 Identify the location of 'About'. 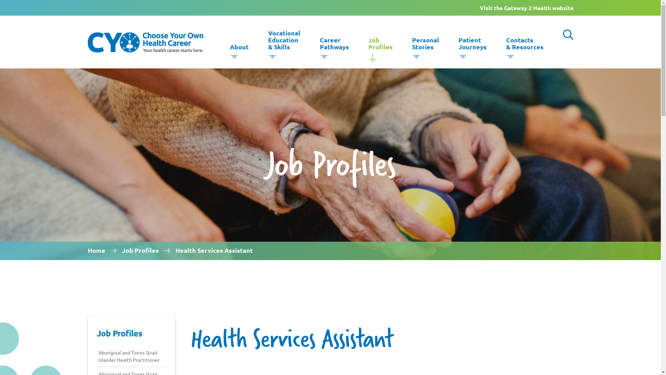
(239, 49).